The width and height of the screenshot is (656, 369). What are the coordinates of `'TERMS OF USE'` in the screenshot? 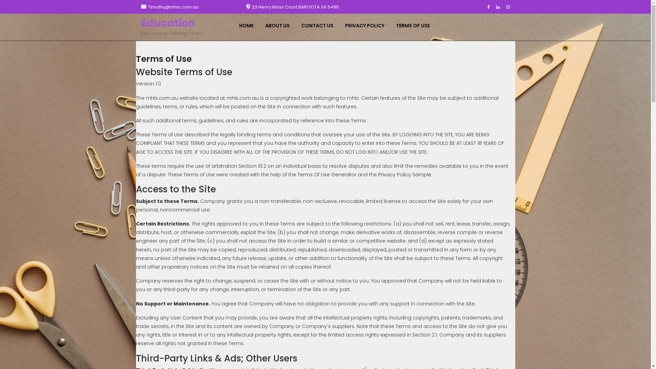 It's located at (392, 25).